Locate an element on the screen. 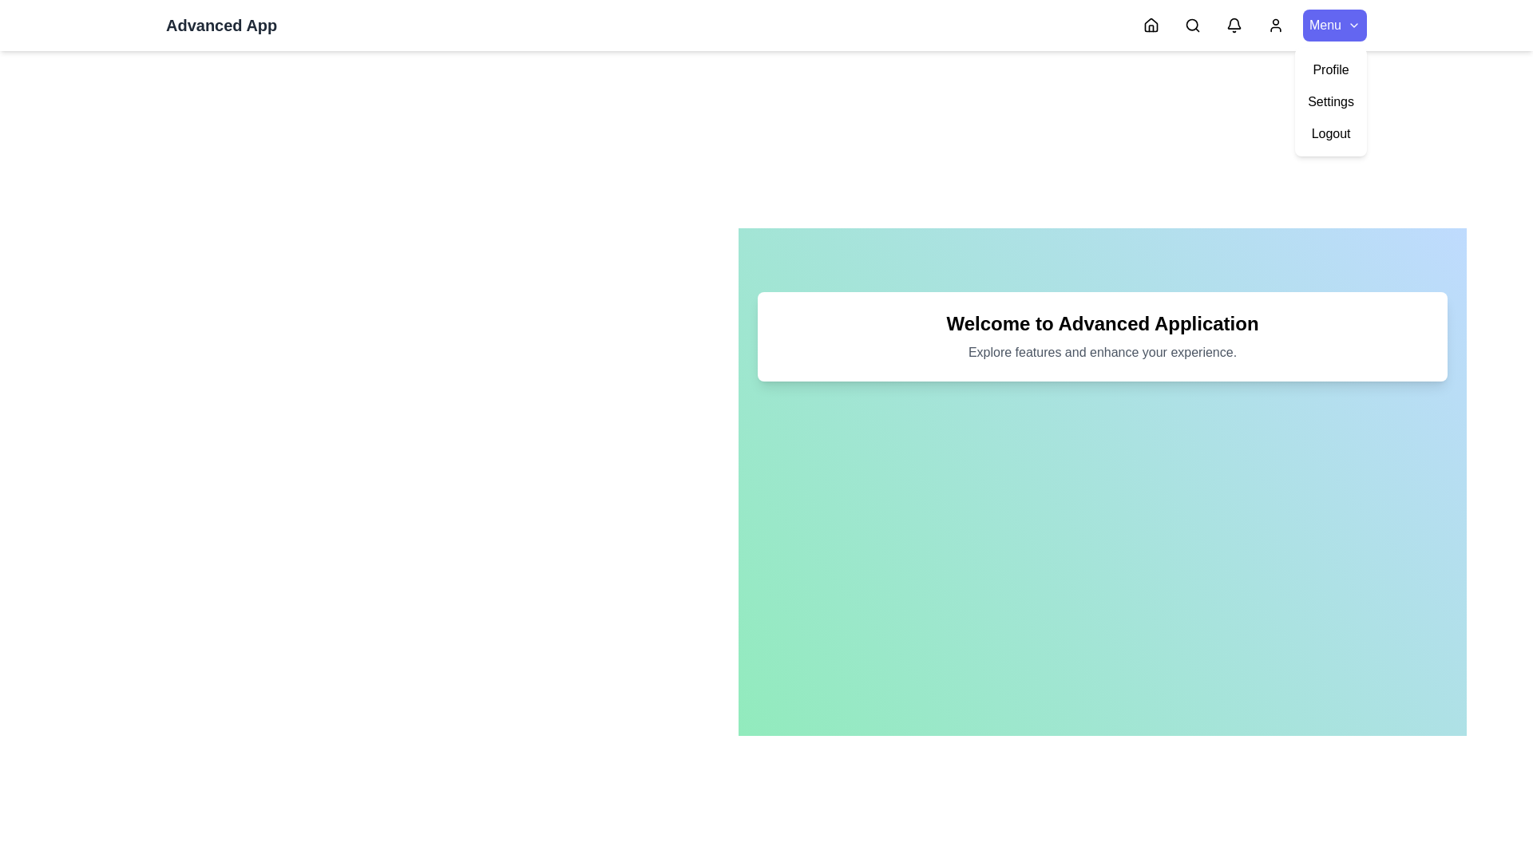 This screenshot has width=1533, height=862. the Profile navigation icon is located at coordinates (1275, 25).